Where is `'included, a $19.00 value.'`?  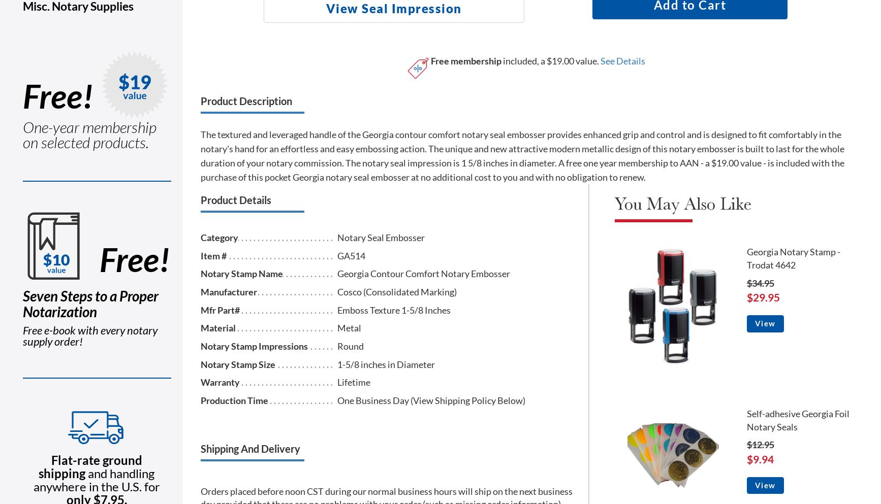
'included, a $19.00 value.' is located at coordinates (501, 60).